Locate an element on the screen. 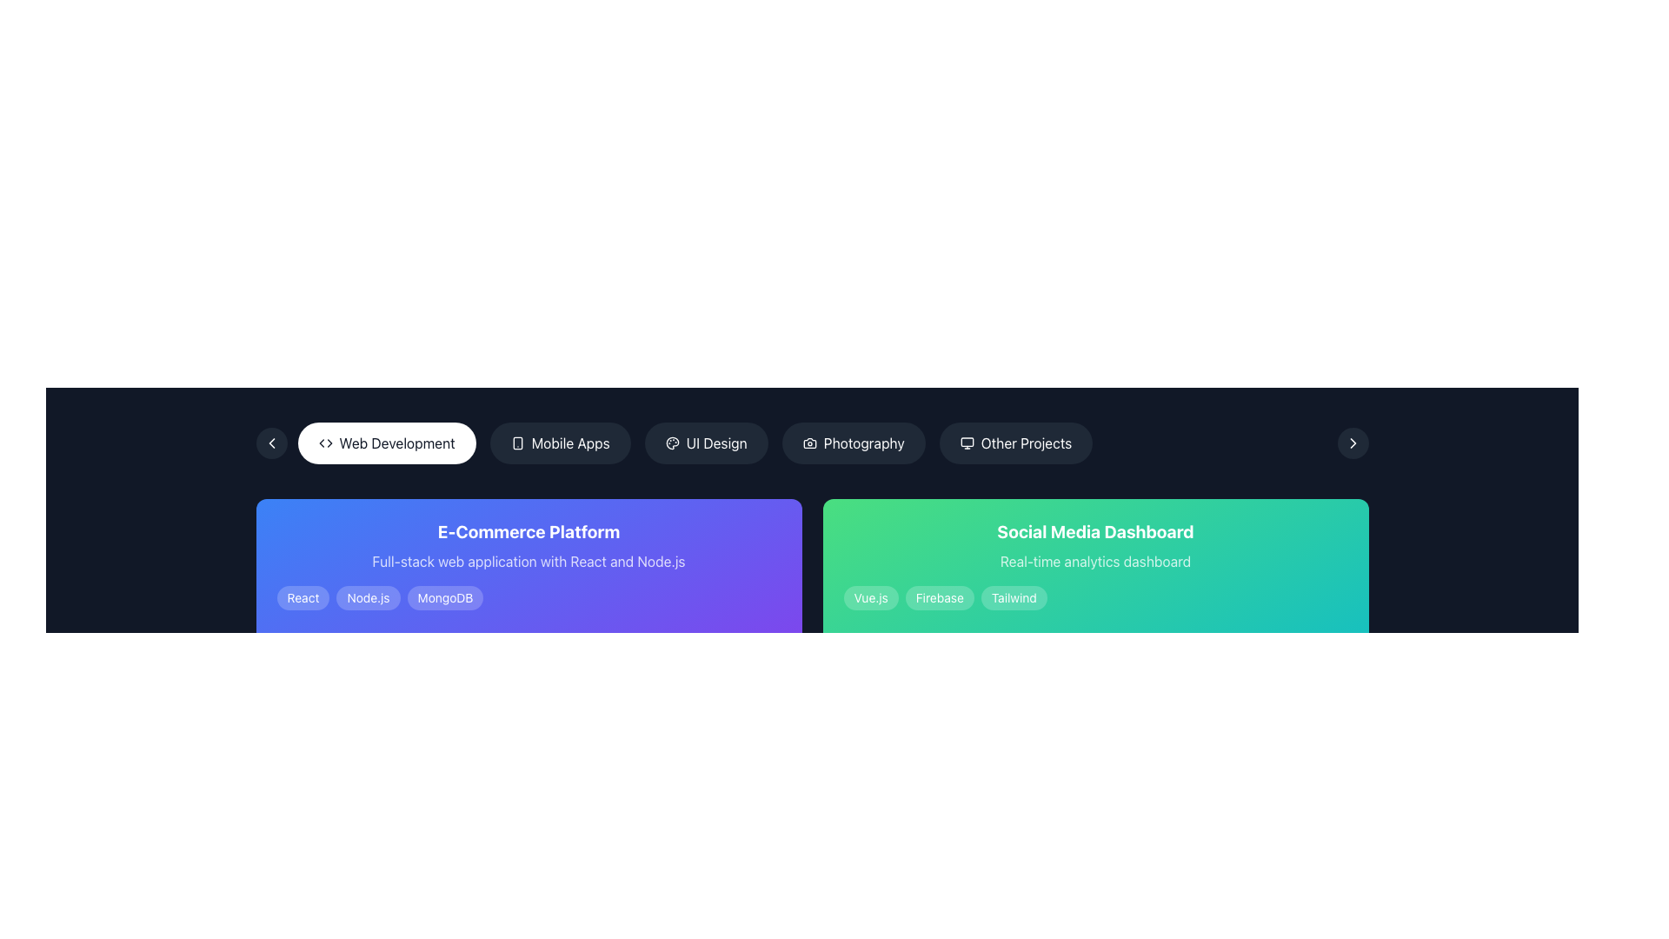 Image resolution: width=1669 pixels, height=939 pixels. descriptive text that contains 'Full-stack web application with React and Node.js,' which is styled in a light white-to-gray font and located in a purple box beneath the header 'E-Commerce Platform.' is located at coordinates (528, 561).